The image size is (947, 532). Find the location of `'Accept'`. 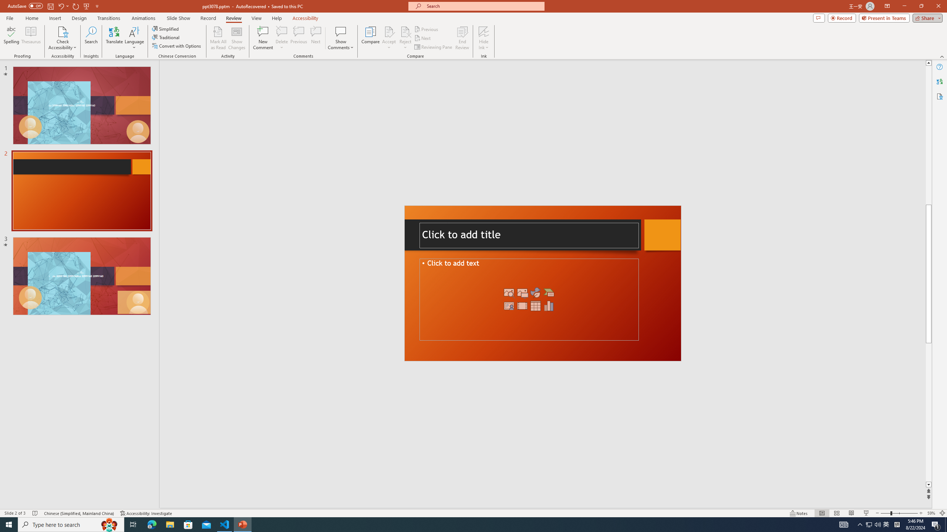

'Accept' is located at coordinates (389, 38).